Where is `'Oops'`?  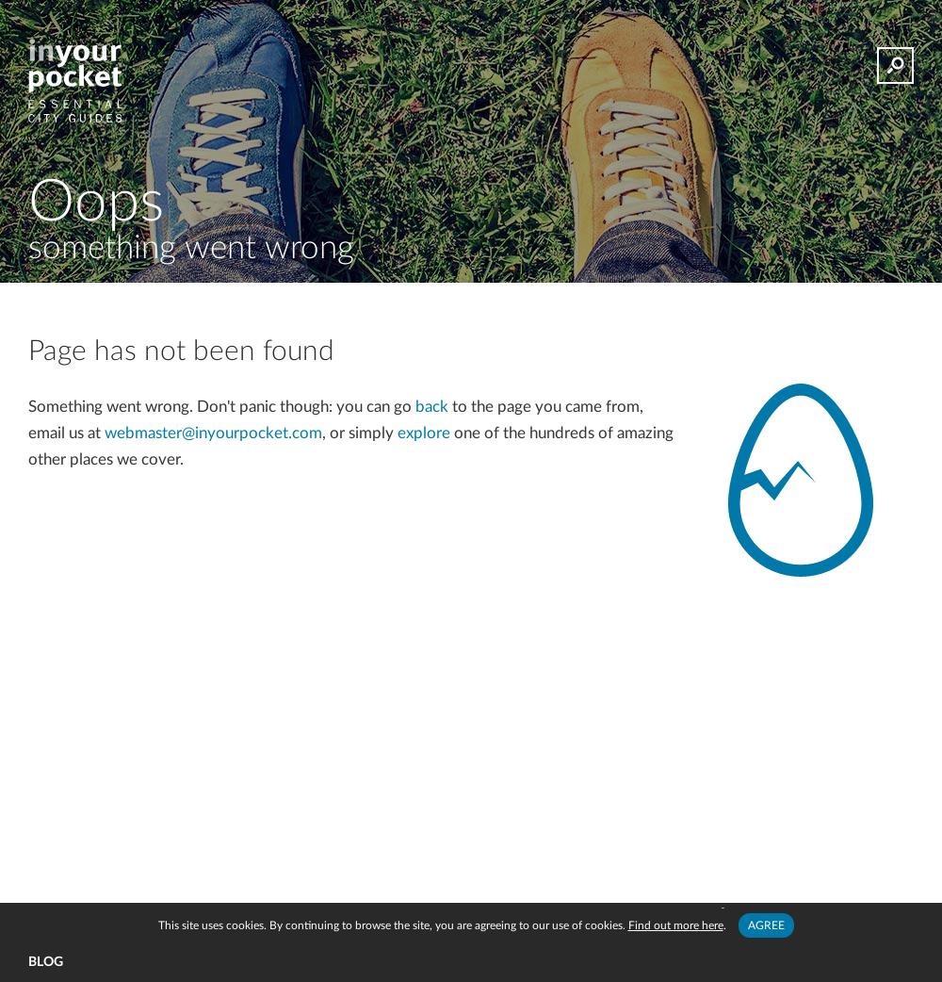 'Oops' is located at coordinates (28, 201).